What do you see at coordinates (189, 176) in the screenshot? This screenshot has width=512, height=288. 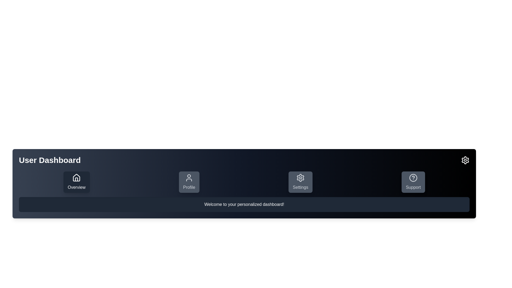 I see `the decorative circle representing the head of the user in the user profile icon located in the second item of the navigation bar` at bounding box center [189, 176].